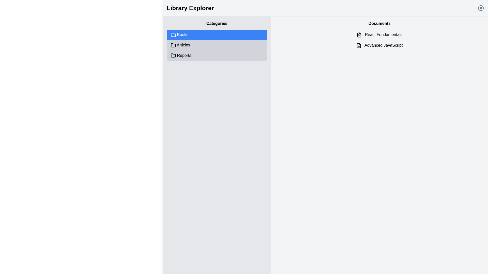 The image size is (488, 274). I want to click on the 'Books' category button in the 'Categories' section of the 'Library Explorer' interface for navigation, so click(217, 35).